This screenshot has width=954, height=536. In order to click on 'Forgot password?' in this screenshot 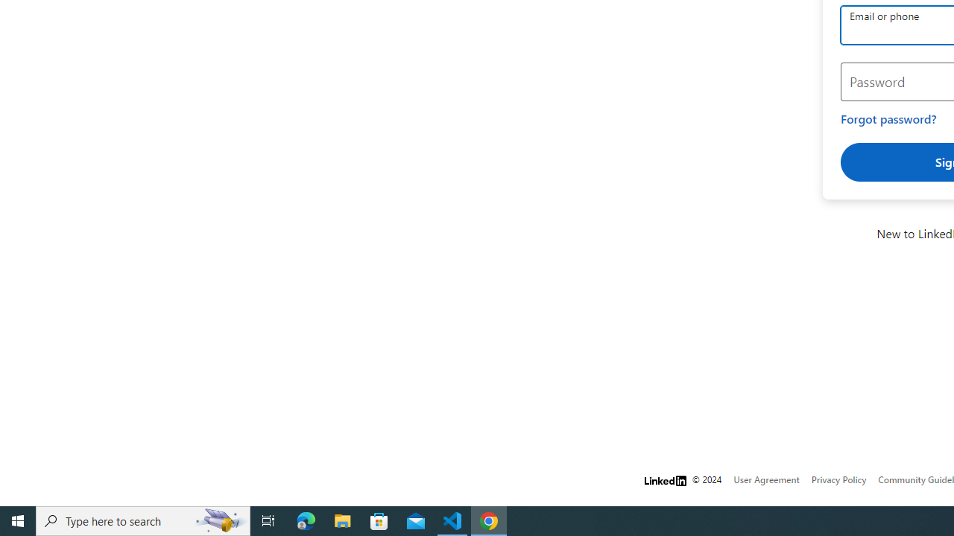, I will do `click(888, 118)`.